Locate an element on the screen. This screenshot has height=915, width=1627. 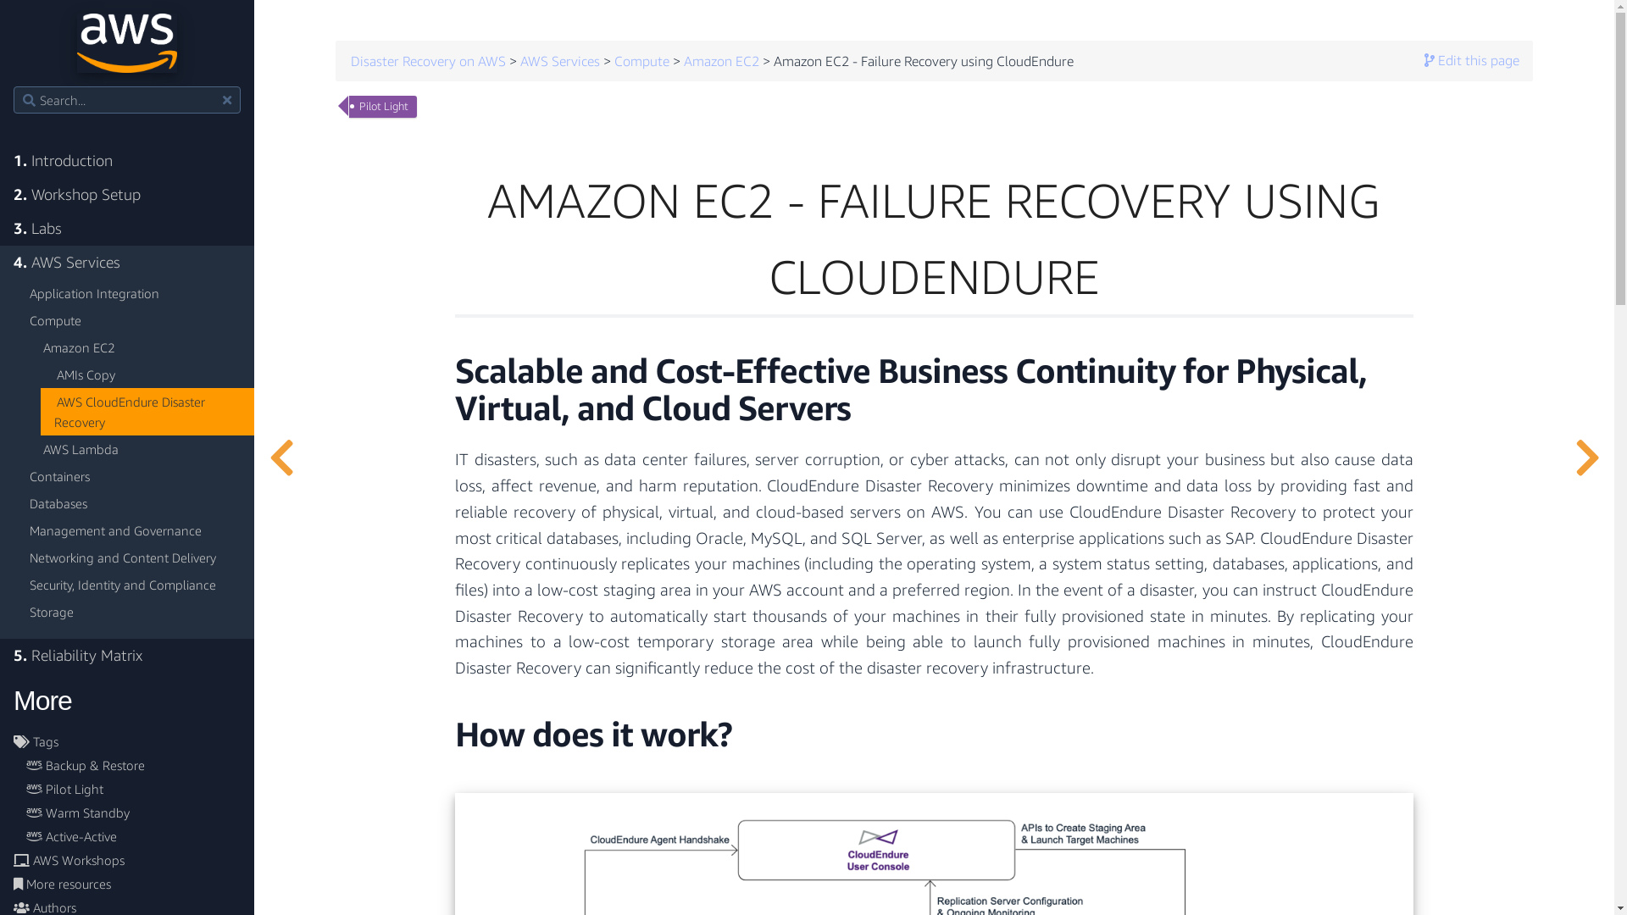
'Disaster Recovery on AWS' is located at coordinates (428, 61).